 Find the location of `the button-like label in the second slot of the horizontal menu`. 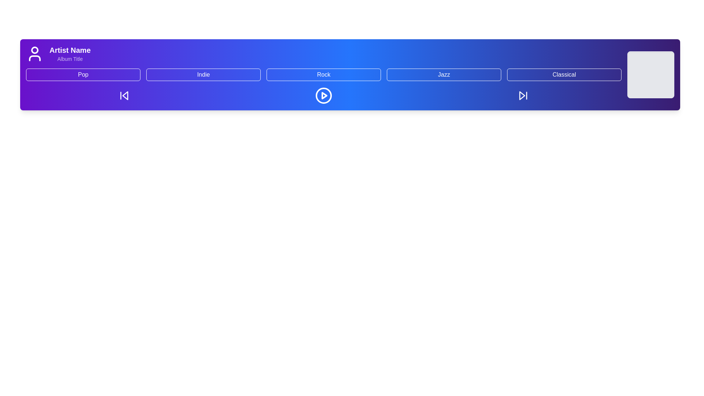

the button-like label in the second slot of the horizontal menu is located at coordinates (203, 75).